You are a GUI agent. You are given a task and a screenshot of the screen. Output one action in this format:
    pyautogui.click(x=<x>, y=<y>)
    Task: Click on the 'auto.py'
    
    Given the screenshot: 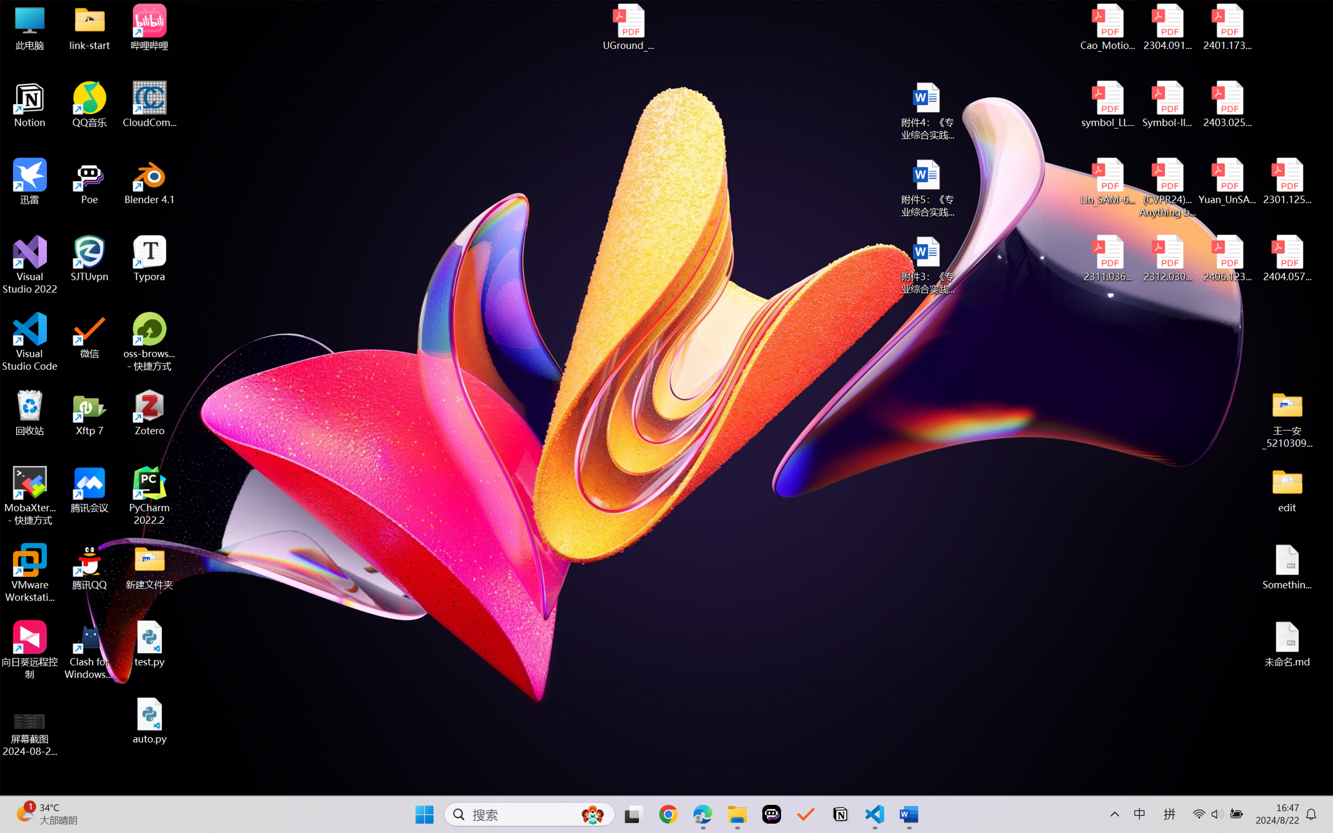 What is the action you would take?
    pyautogui.click(x=149, y=721)
    